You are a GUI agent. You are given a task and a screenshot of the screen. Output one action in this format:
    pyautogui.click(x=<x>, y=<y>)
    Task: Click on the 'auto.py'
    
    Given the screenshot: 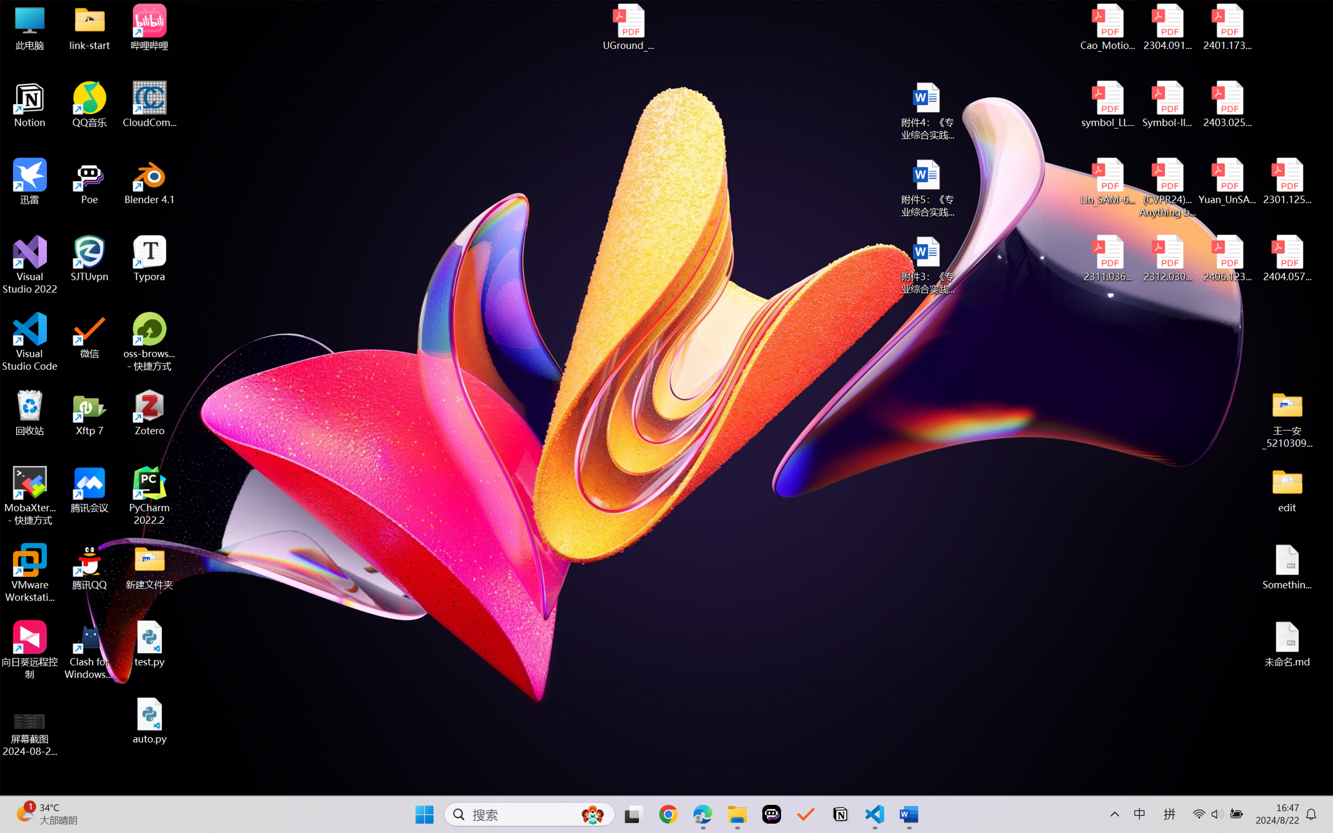 What is the action you would take?
    pyautogui.click(x=149, y=721)
    